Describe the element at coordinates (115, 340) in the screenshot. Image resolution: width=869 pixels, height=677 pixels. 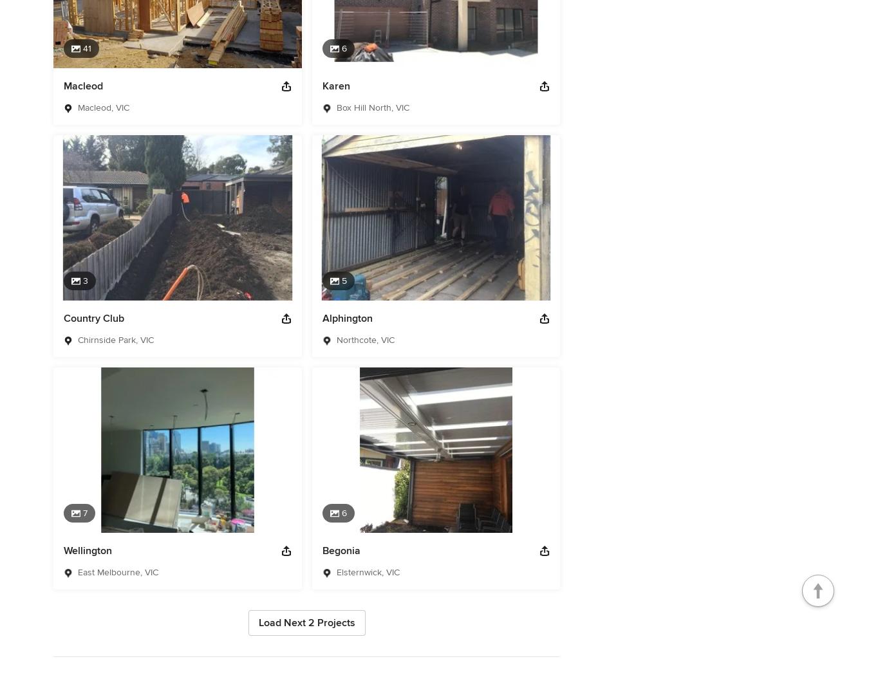
I see `'Chirnside Park, VIC'` at that location.